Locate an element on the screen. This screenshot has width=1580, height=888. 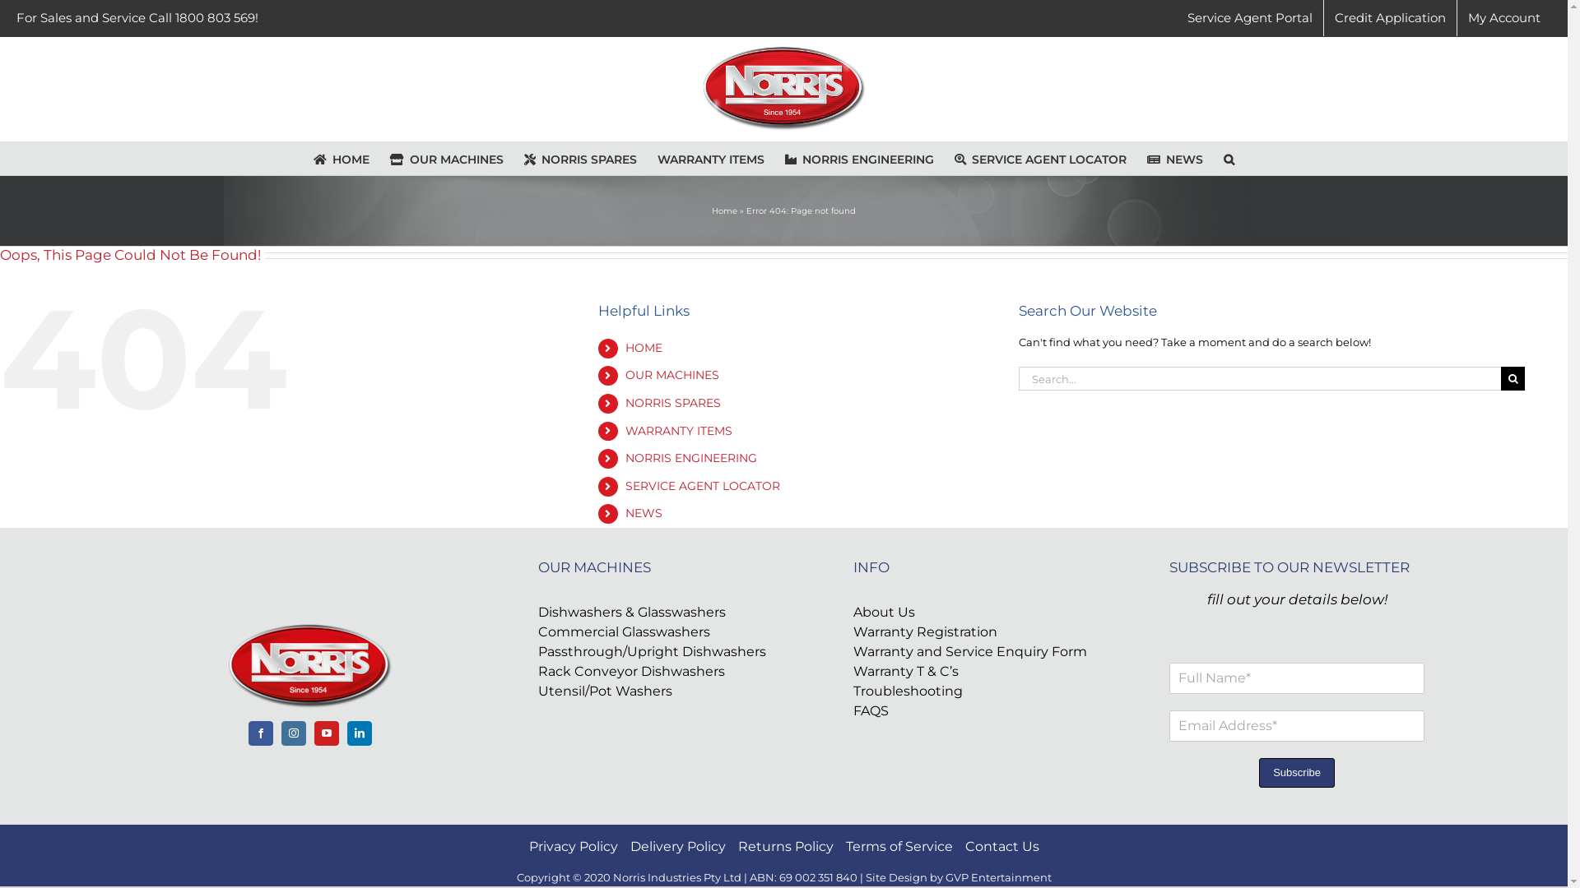
'NORRIS ENGINEERING' is located at coordinates (691, 457).